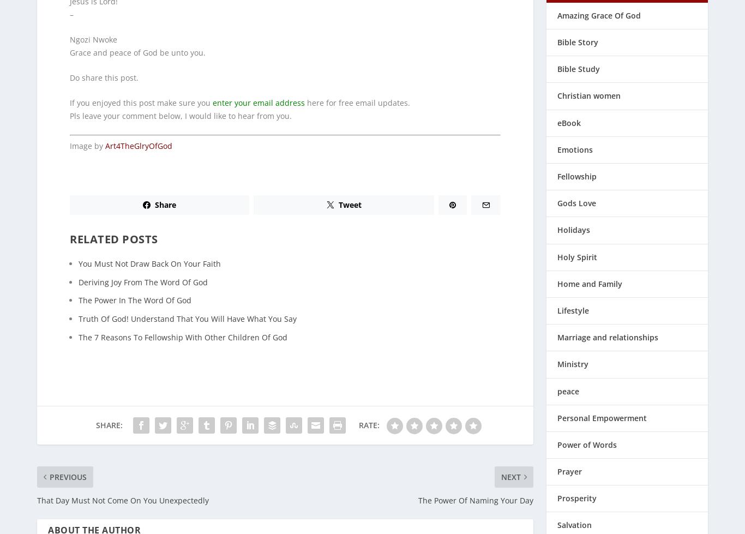 The image size is (745, 534). I want to click on 'Fellowship', so click(576, 169).